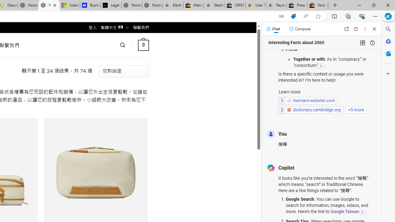  What do you see at coordinates (143, 45) in the screenshot?
I see `'  0  '` at bounding box center [143, 45].